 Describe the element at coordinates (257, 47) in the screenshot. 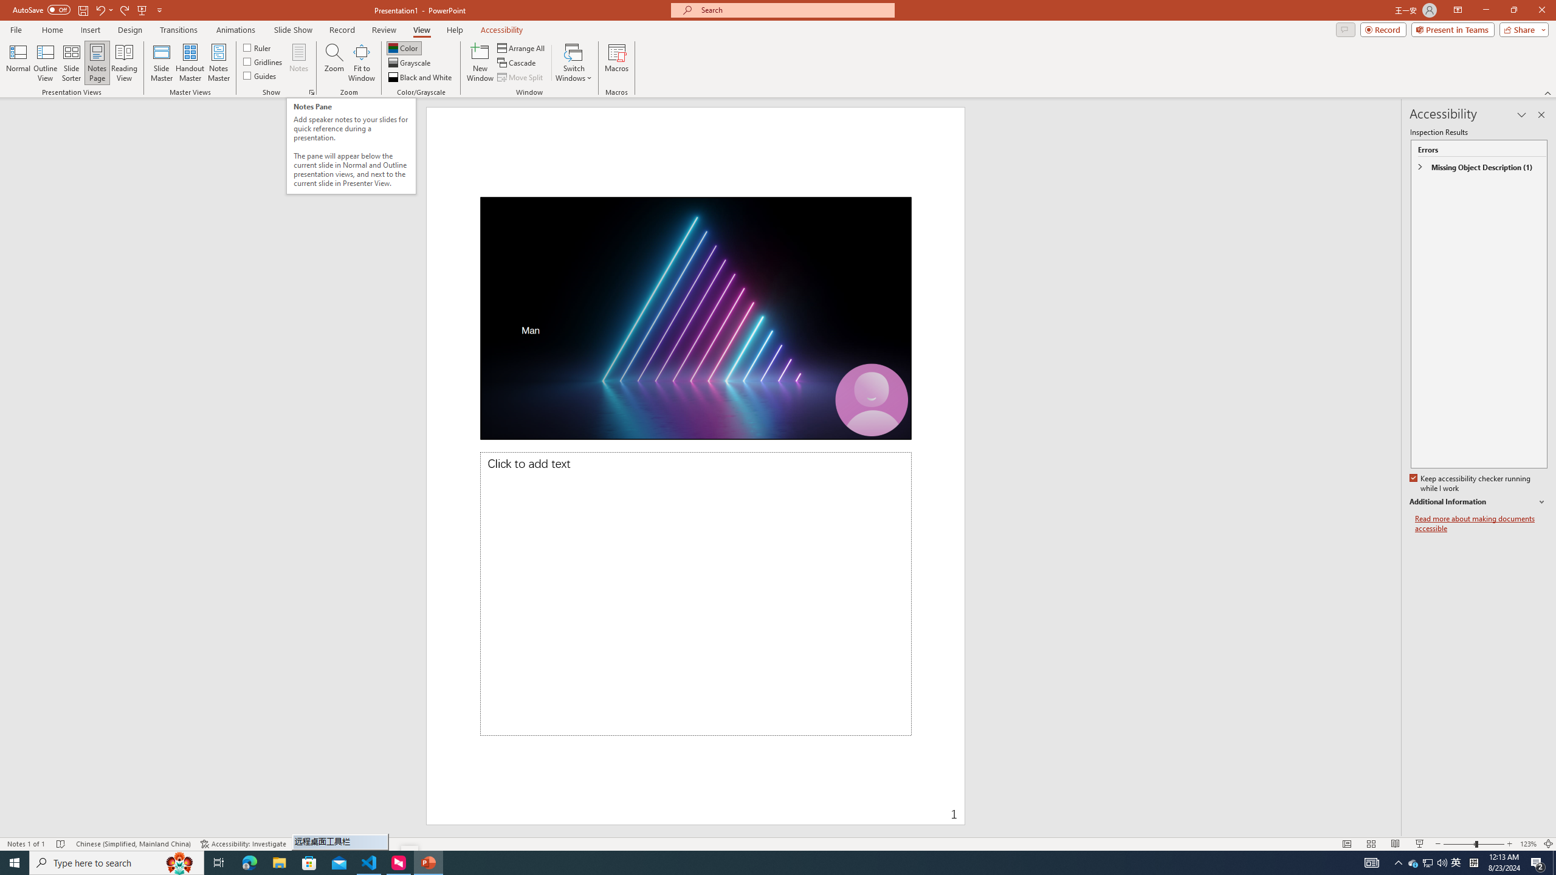

I see `'Ruler'` at that location.